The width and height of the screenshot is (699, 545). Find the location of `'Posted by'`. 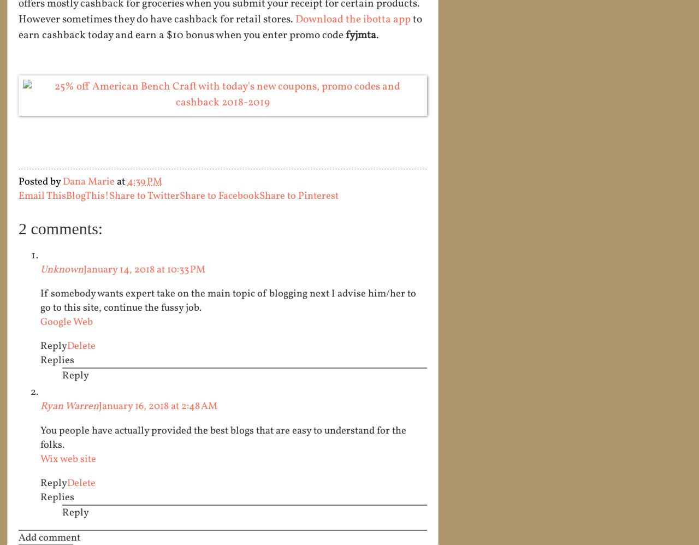

'Posted by' is located at coordinates (40, 182).